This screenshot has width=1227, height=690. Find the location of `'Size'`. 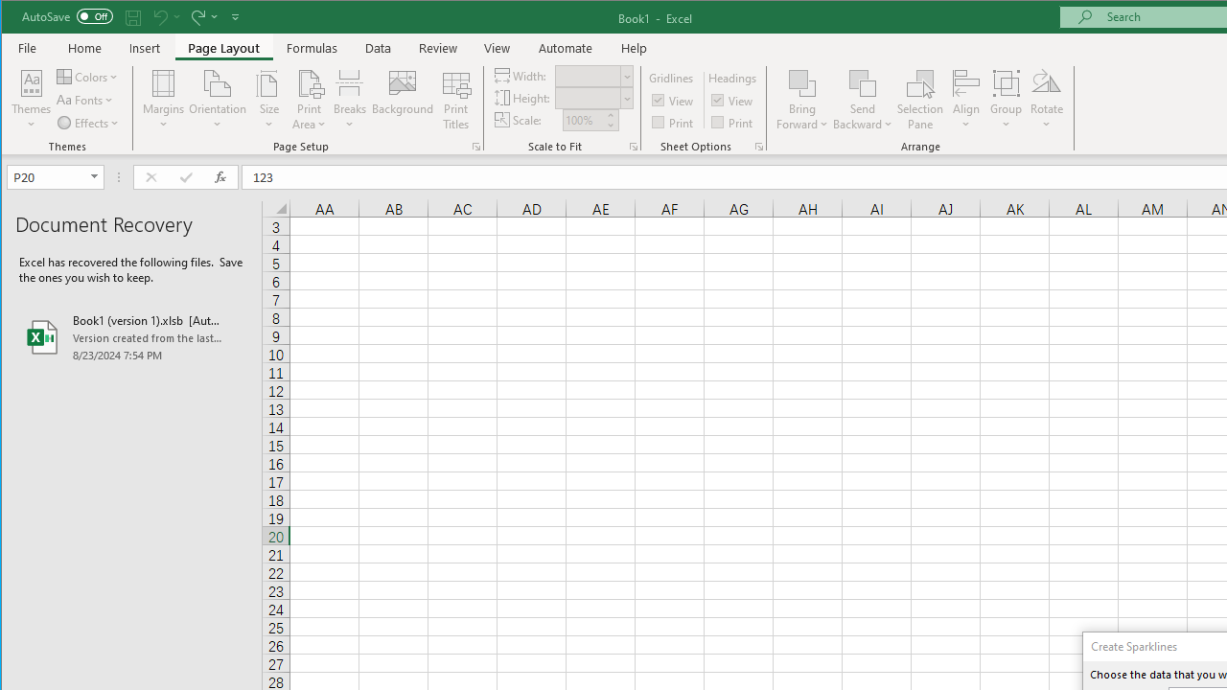

'Size' is located at coordinates (267, 100).